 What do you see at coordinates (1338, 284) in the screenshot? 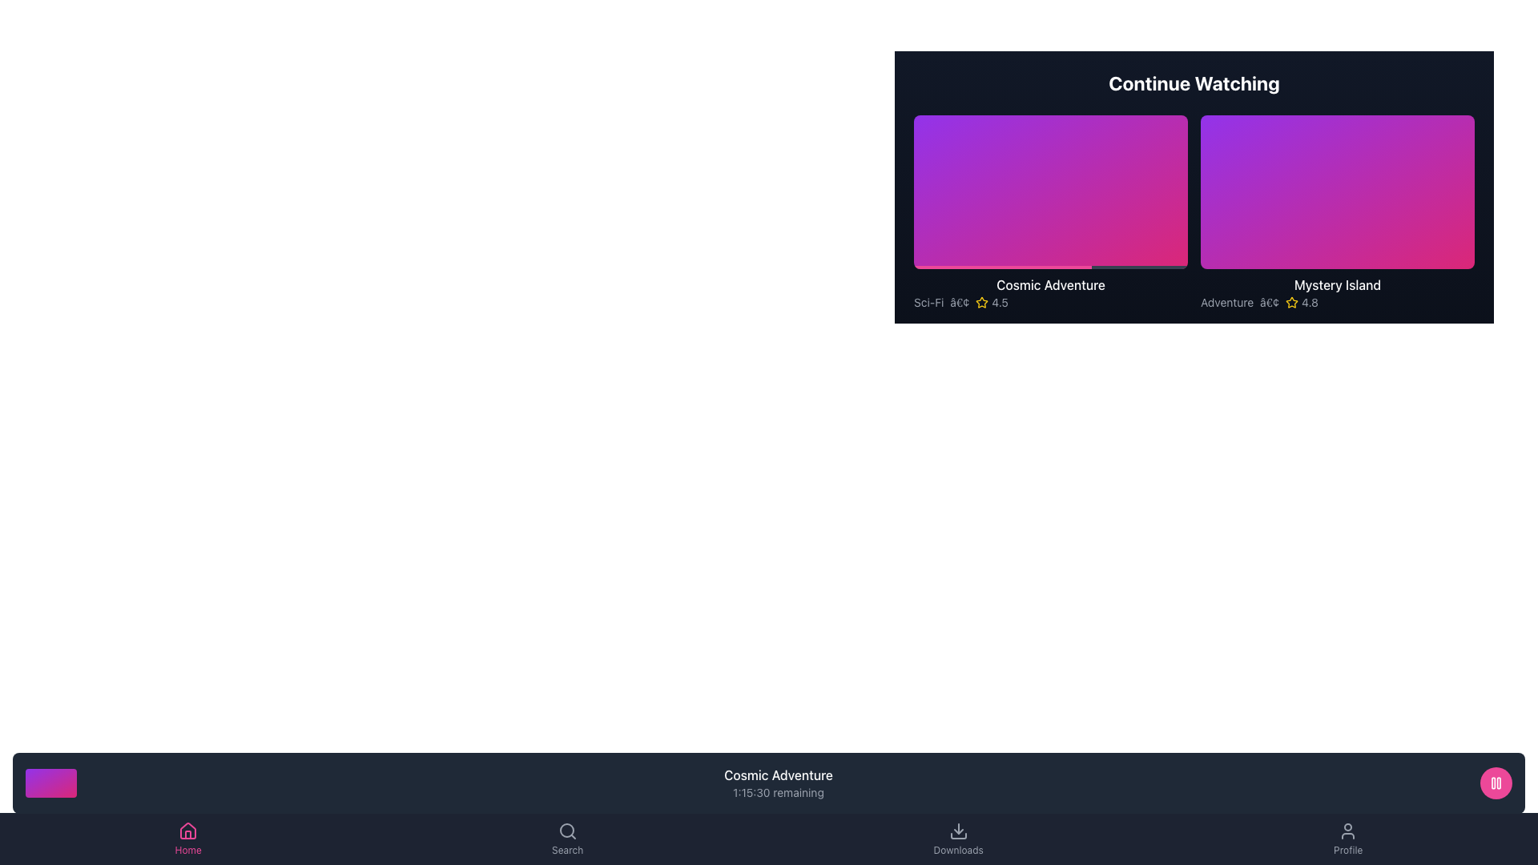
I see `the text label displaying 'Mystery Island', which is positioned directly beneath a colorful rectangular image in the 'Continue Watching' section` at bounding box center [1338, 284].